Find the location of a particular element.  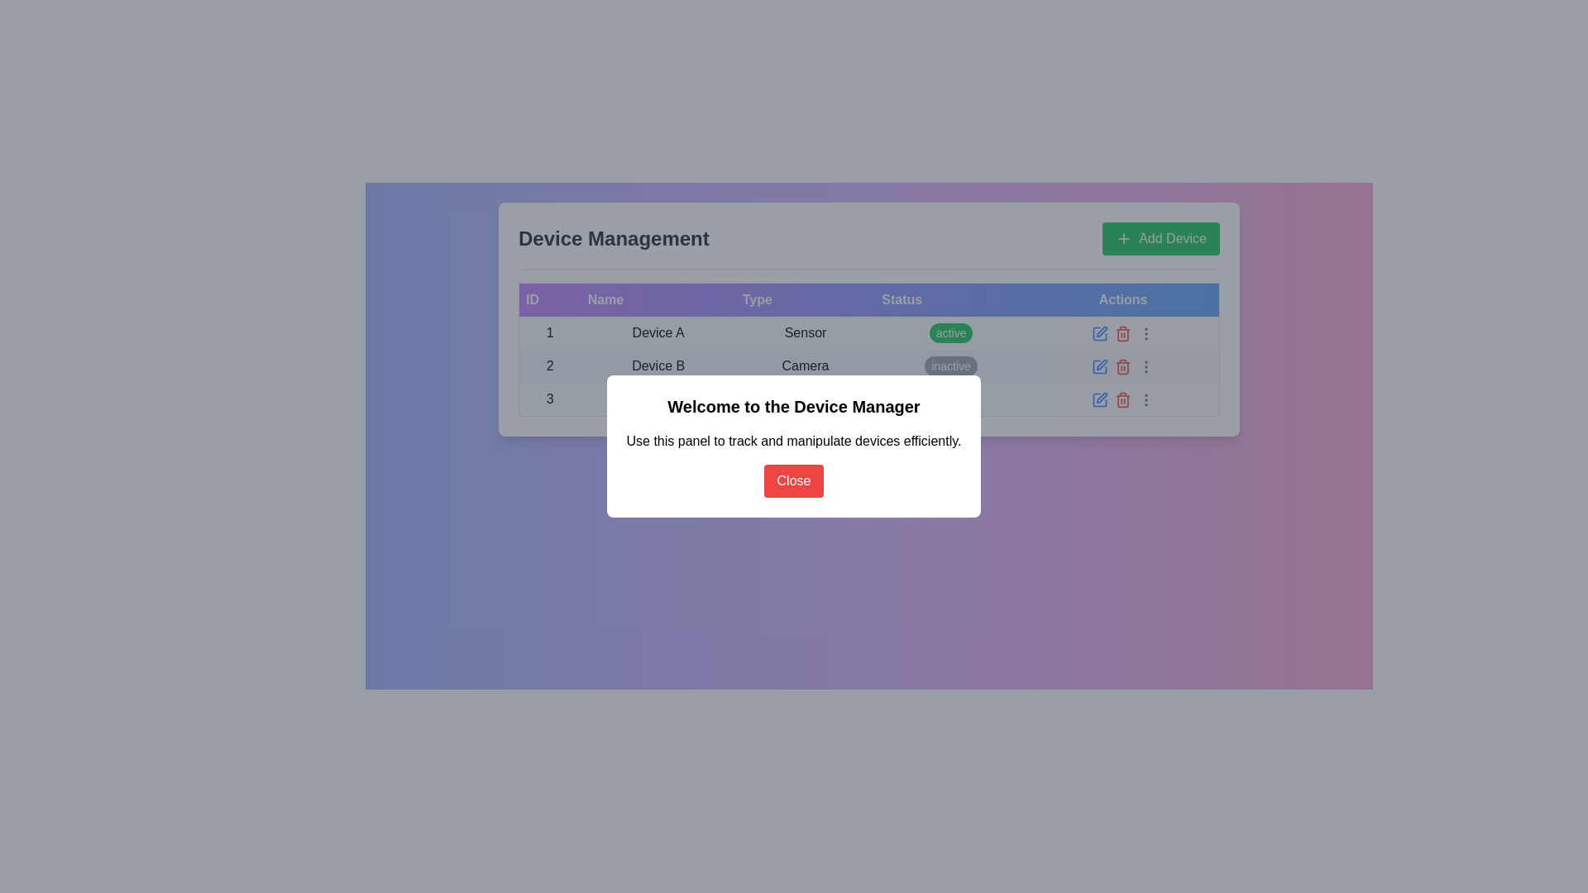

the pen icon in the 'Actions' column for 'Device B' is located at coordinates (1102, 398).